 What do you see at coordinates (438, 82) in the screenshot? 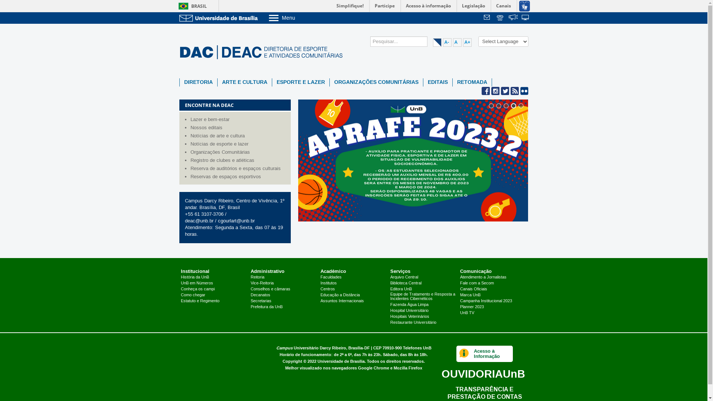
I see `'EDITAIS'` at bounding box center [438, 82].